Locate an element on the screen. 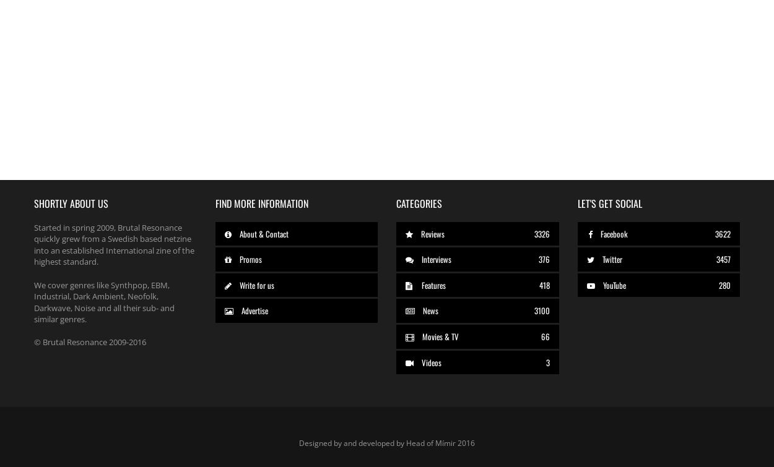 Image resolution: width=774 pixels, height=467 pixels. '2016' is located at coordinates (465, 442).